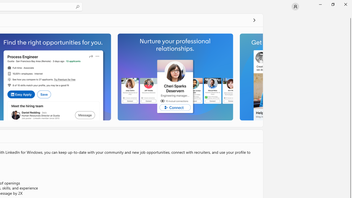  I want to click on 'Minimize Microsoft Store', so click(320, 4).